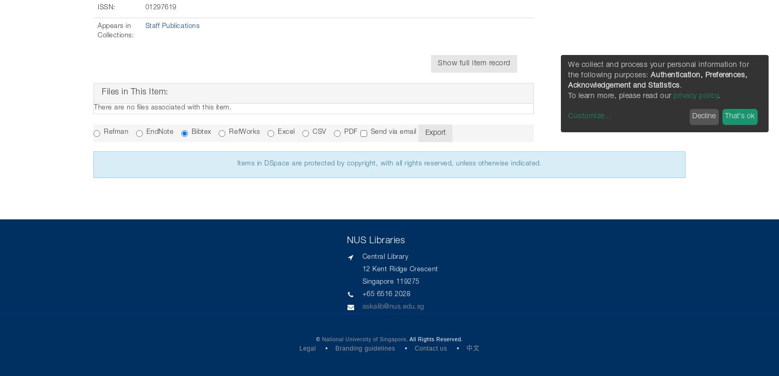  I want to click on 'NUS Libraries', so click(375, 240).